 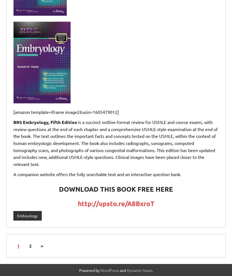 What do you see at coordinates (13, 143) in the screenshot?
I see `'is a succinct outline-format review for USMLE and course exams, with review questions at the end of each chapter and a comprehensive USMLE-style examination at the end of the book. The text outlines the important facts and concepts tested on the USMLE, within the context of human embryologic development. The book also includes radiographs, sonograms, computed tomography scans, and photographs of various congenital malformations. This edition has been updated and includes new, additional USMLE-style questions. Clinical images have been placed closer to the relevant text.'` at bounding box center [13, 143].